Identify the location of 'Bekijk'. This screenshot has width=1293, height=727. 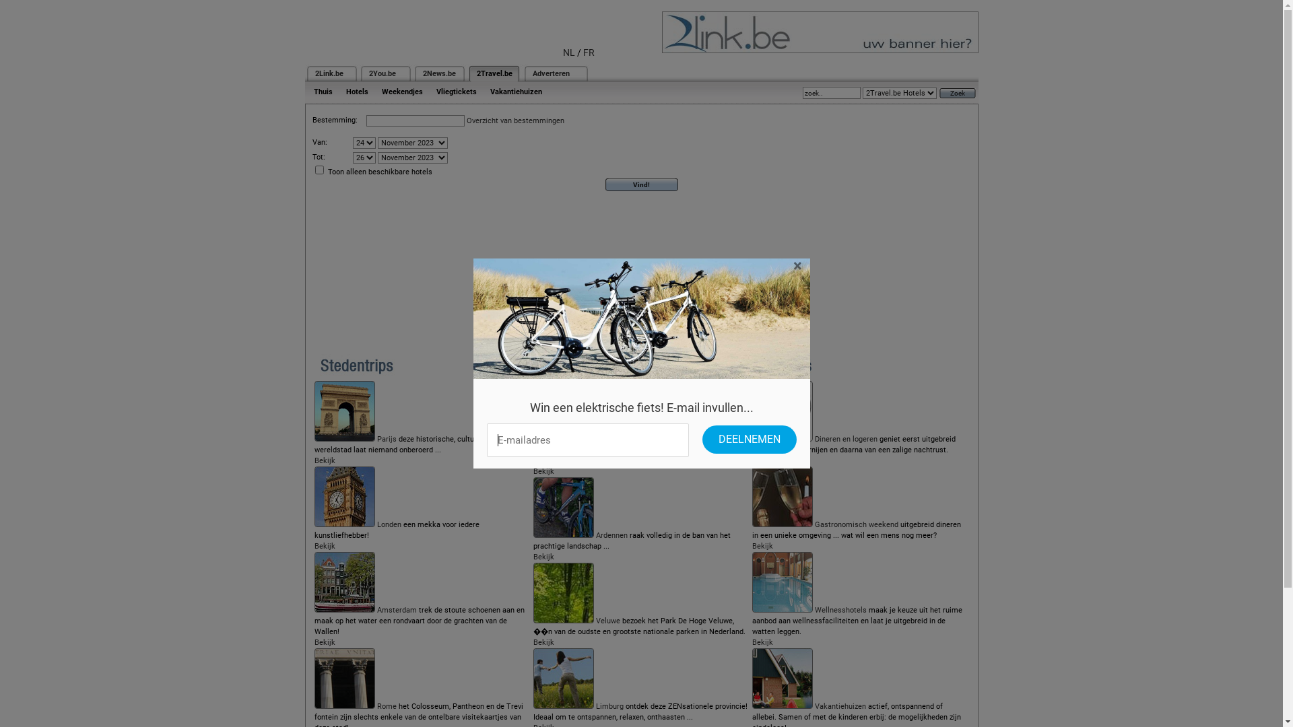
(324, 460).